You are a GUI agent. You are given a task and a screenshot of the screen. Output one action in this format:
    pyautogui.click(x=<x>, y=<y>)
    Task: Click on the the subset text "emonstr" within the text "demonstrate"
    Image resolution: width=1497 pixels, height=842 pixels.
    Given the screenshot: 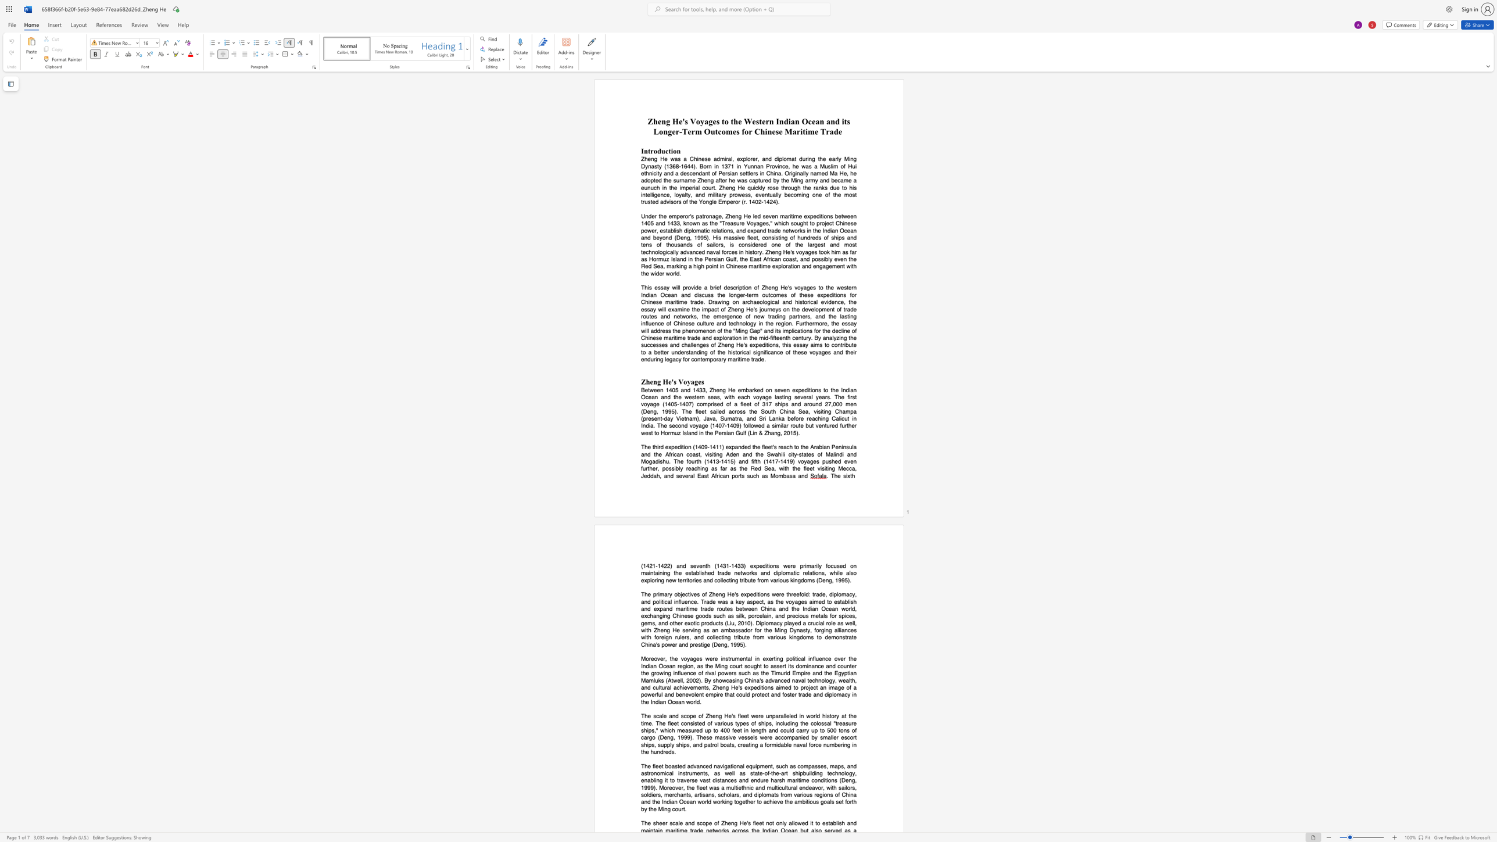 What is the action you would take?
    pyautogui.click(x=828, y=637)
    